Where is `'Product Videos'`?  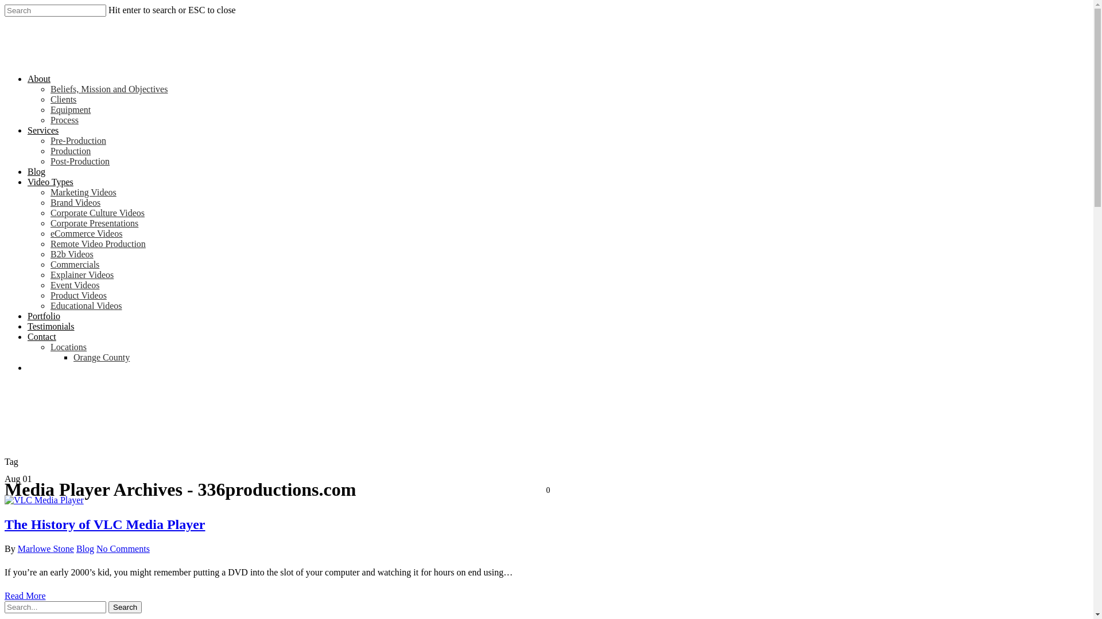
'Product Videos' is located at coordinates (49, 295).